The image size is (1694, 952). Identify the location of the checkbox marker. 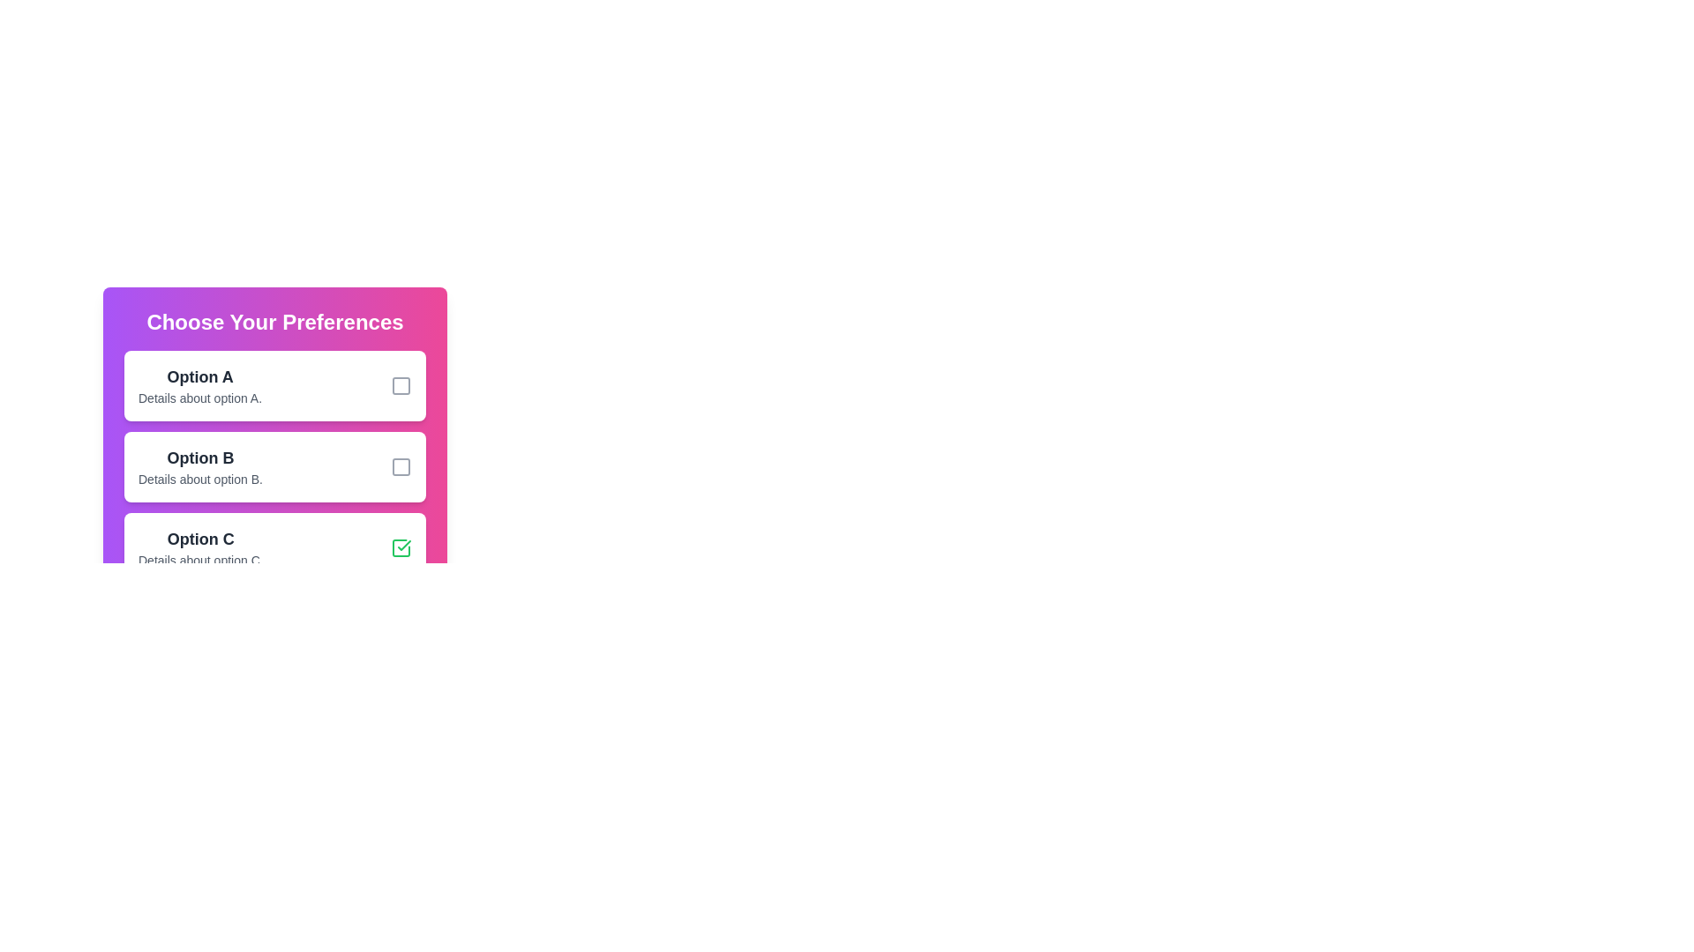
(401, 465).